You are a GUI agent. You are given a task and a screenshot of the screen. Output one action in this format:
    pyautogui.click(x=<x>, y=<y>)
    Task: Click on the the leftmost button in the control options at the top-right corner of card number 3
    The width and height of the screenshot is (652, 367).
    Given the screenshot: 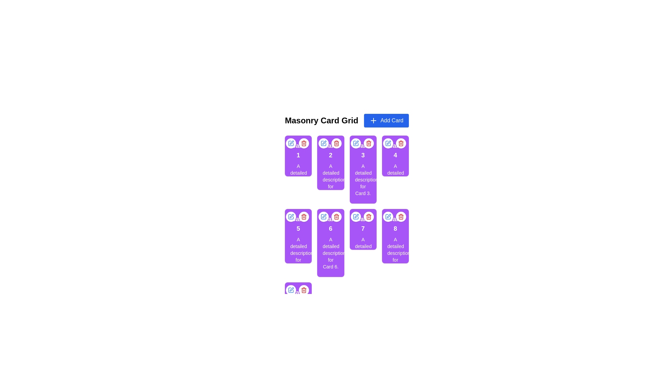 What is the action you would take?
    pyautogui.click(x=355, y=143)
    